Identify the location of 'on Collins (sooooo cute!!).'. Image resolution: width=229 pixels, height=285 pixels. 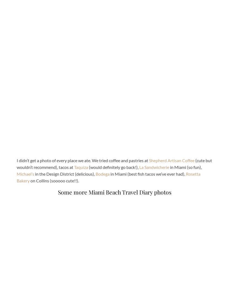
(54, 180).